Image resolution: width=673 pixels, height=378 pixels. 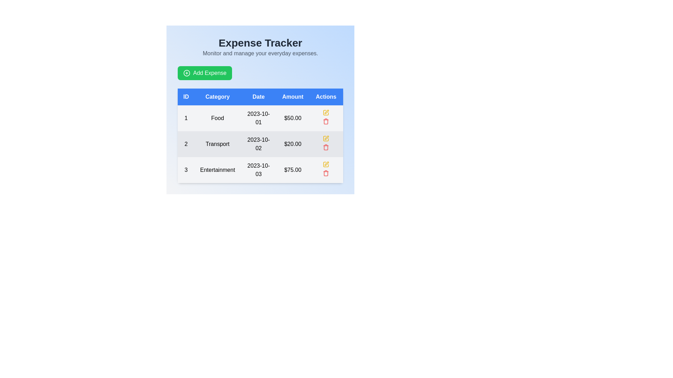 I want to click on the 'Amount' text label, which is the fourth column header in the table indicating monetary amounts, located between the 'Date' and 'Actions' labels, so click(x=293, y=97).